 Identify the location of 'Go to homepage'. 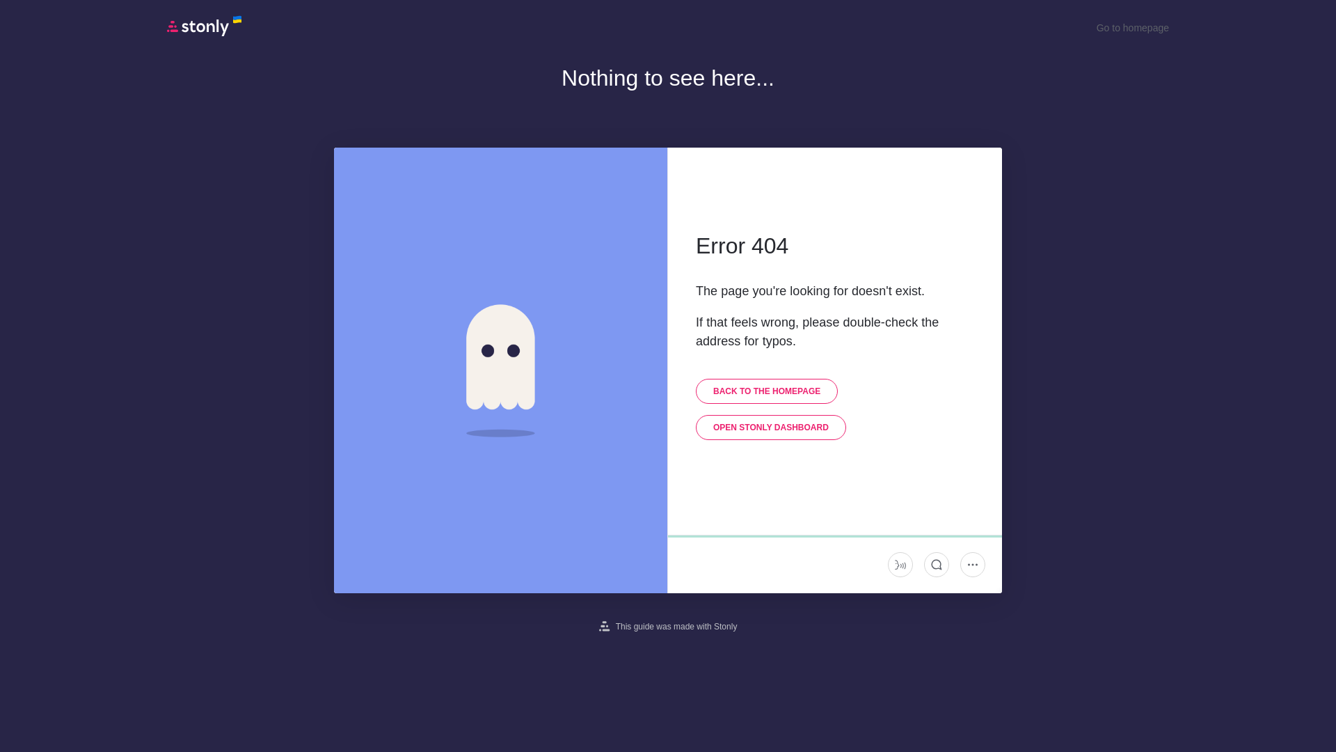
(1132, 27).